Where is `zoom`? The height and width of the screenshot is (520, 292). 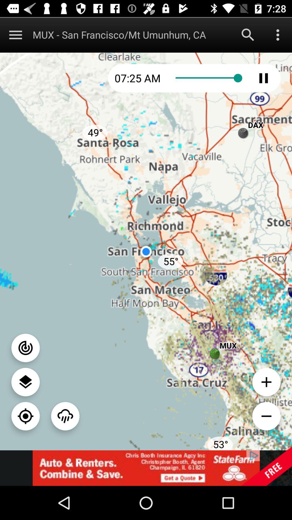
zoom is located at coordinates (266, 382).